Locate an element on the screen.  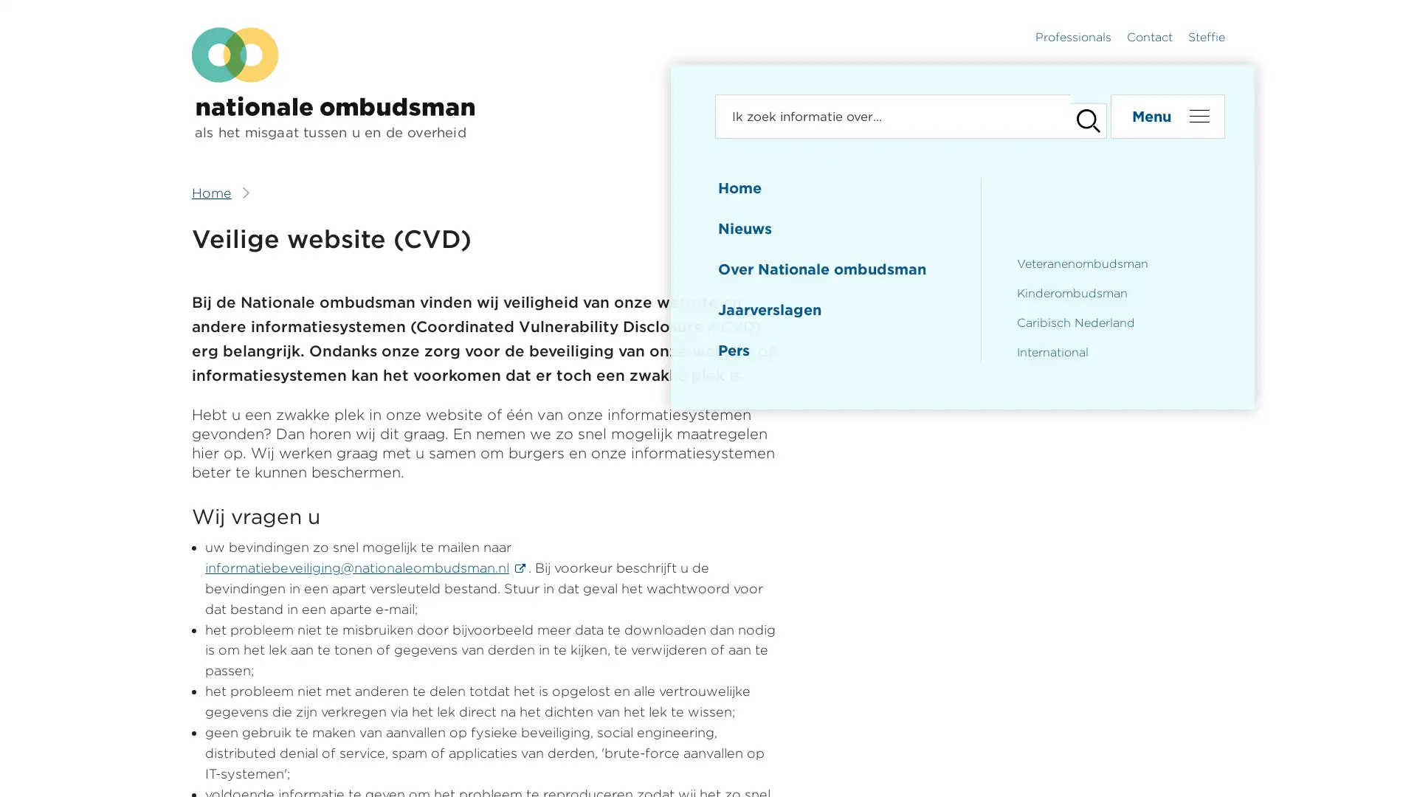
Zoeken is located at coordinates (1080, 116).